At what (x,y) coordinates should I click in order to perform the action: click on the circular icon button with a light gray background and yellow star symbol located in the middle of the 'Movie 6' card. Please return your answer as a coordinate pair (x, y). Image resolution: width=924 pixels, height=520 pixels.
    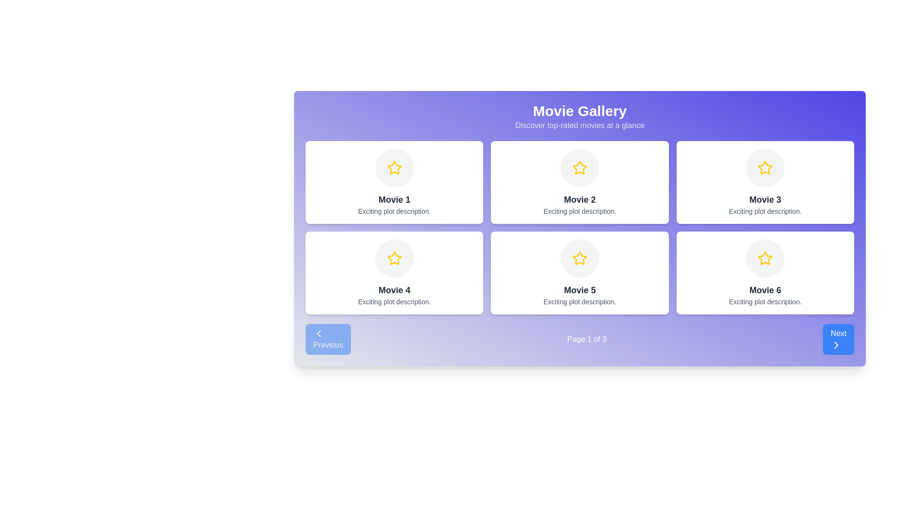
    Looking at the image, I should click on (765, 258).